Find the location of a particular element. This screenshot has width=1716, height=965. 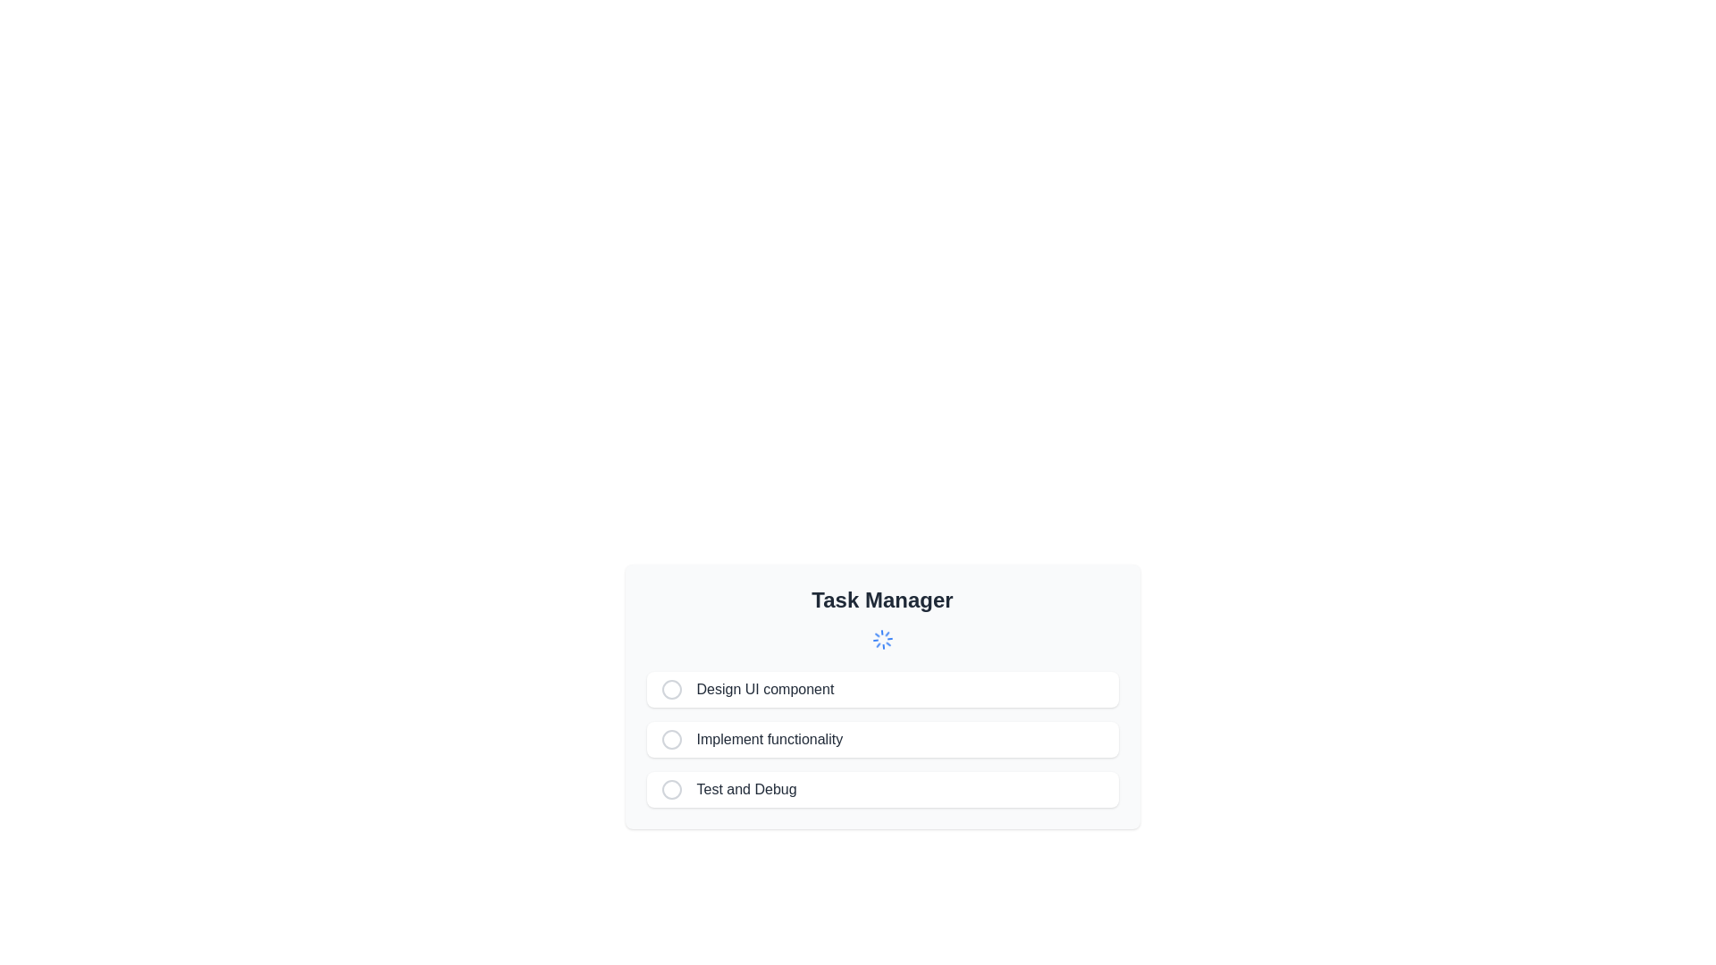

the circular icon representing the status indicator for the 'Design UI component' task located under the 'Task Manager' heading is located at coordinates (670, 688).